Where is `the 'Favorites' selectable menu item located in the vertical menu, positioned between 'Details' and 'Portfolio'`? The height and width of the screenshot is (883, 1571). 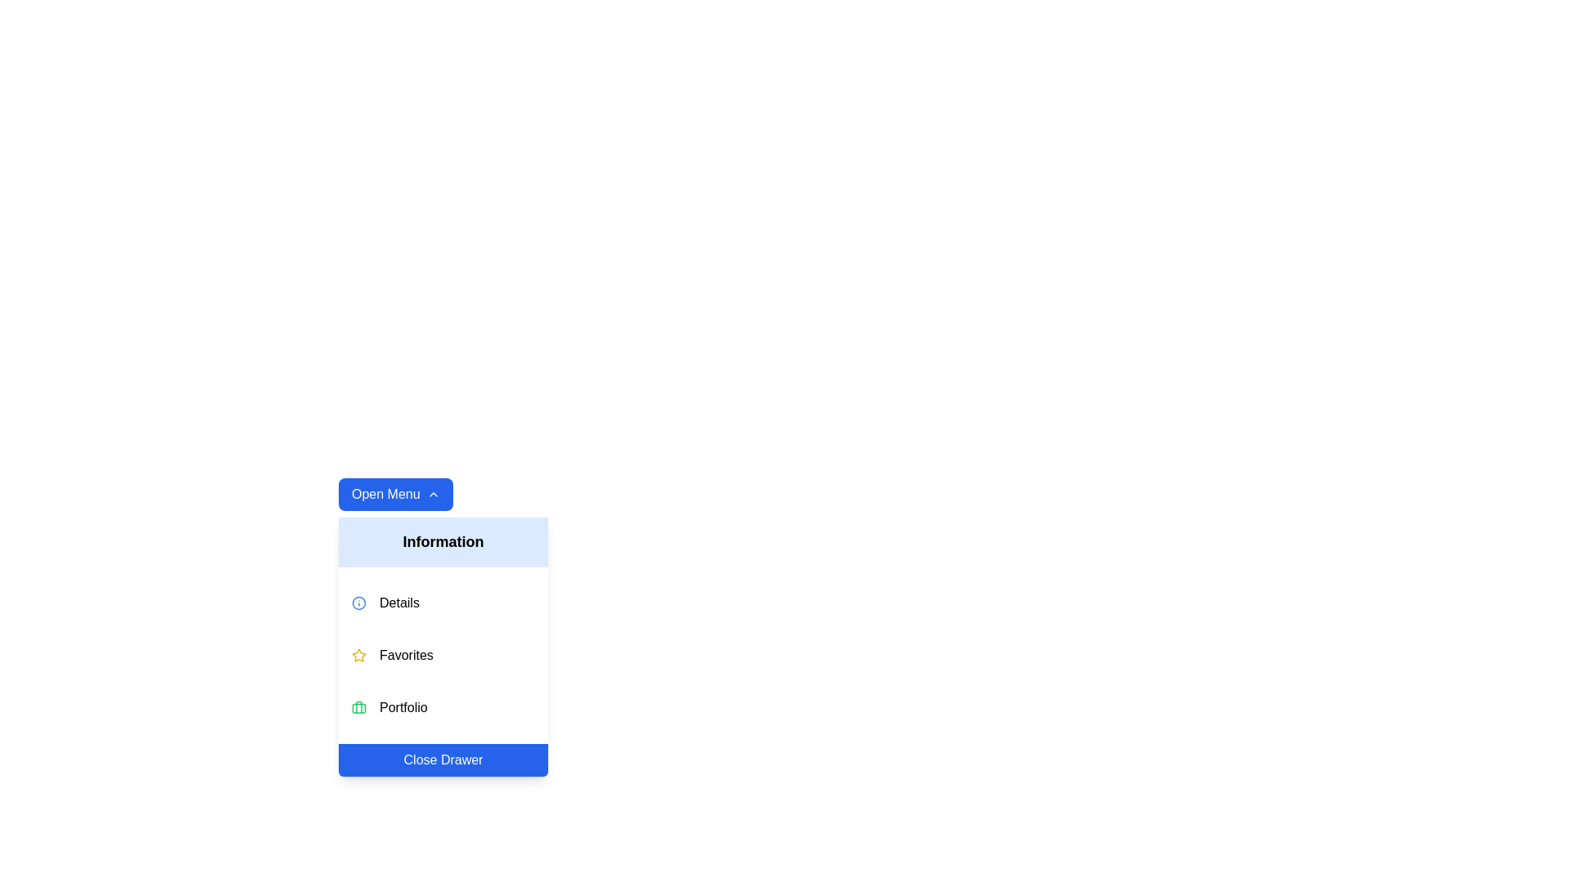 the 'Favorites' selectable menu item located in the vertical menu, positioned between 'Details' and 'Portfolio' is located at coordinates (443, 655).